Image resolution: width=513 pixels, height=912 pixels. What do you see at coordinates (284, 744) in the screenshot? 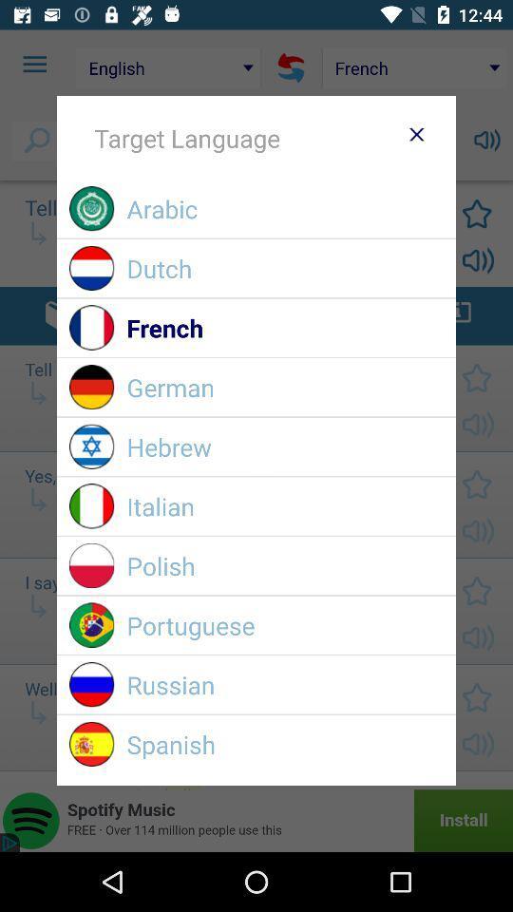
I see `the item below the russian item` at bounding box center [284, 744].